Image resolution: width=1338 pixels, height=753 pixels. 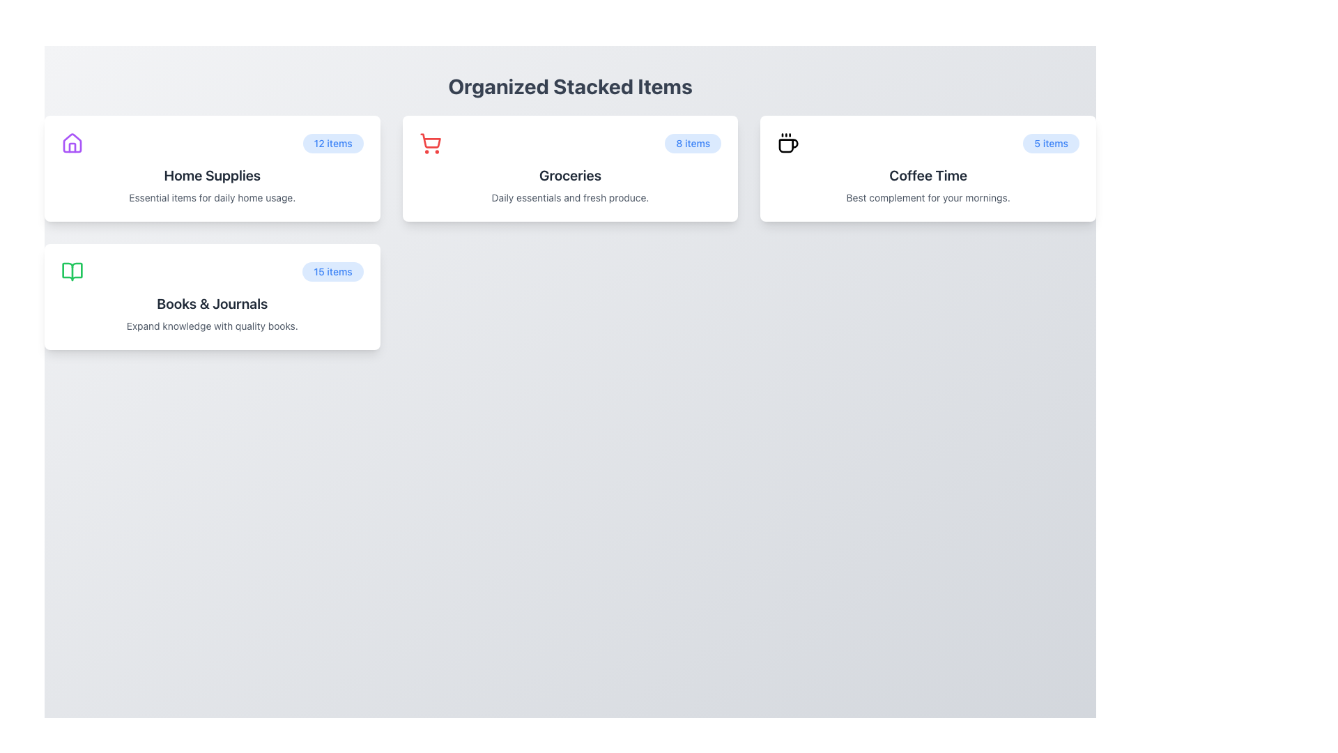 What do you see at coordinates (72, 143) in the screenshot?
I see `the purple house icon located to the left of the 'Home Supplies' label in the top row of cards` at bounding box center [72, 143].